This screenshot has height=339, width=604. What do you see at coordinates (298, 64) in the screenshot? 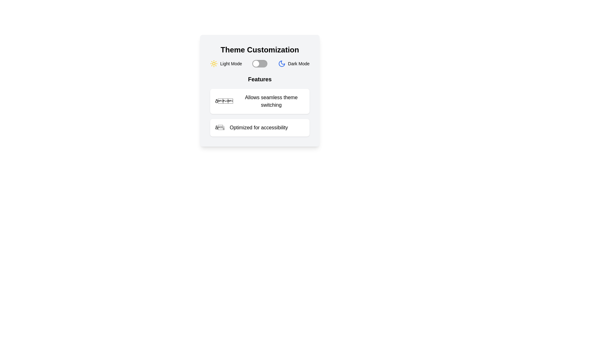
I see `the text label that reads 'Dark Mode', which is positioned next to the moon icon in the Theme Customization section` at bounding box center [298, 64].